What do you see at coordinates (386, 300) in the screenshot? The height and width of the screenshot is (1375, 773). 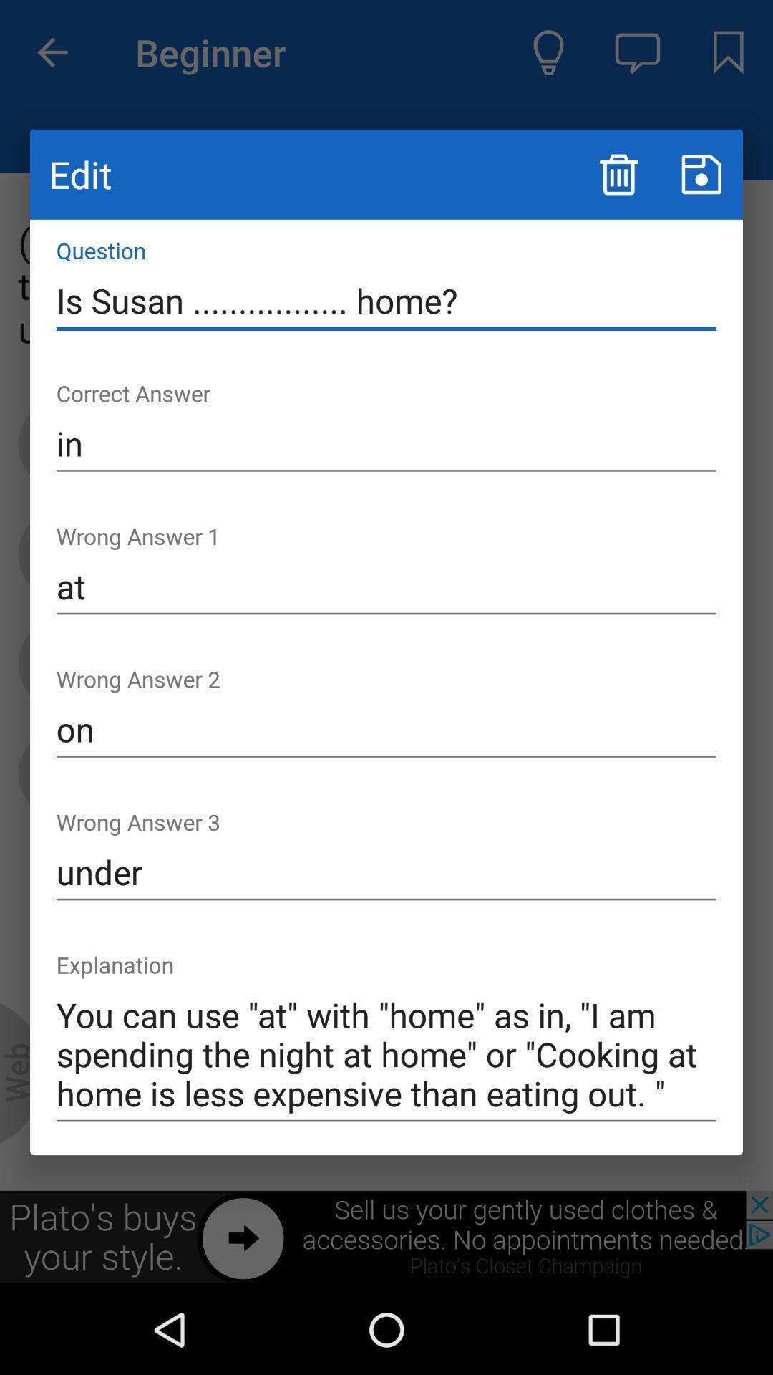 I see `the icon below edit icon` at bounding box center [386, 300].